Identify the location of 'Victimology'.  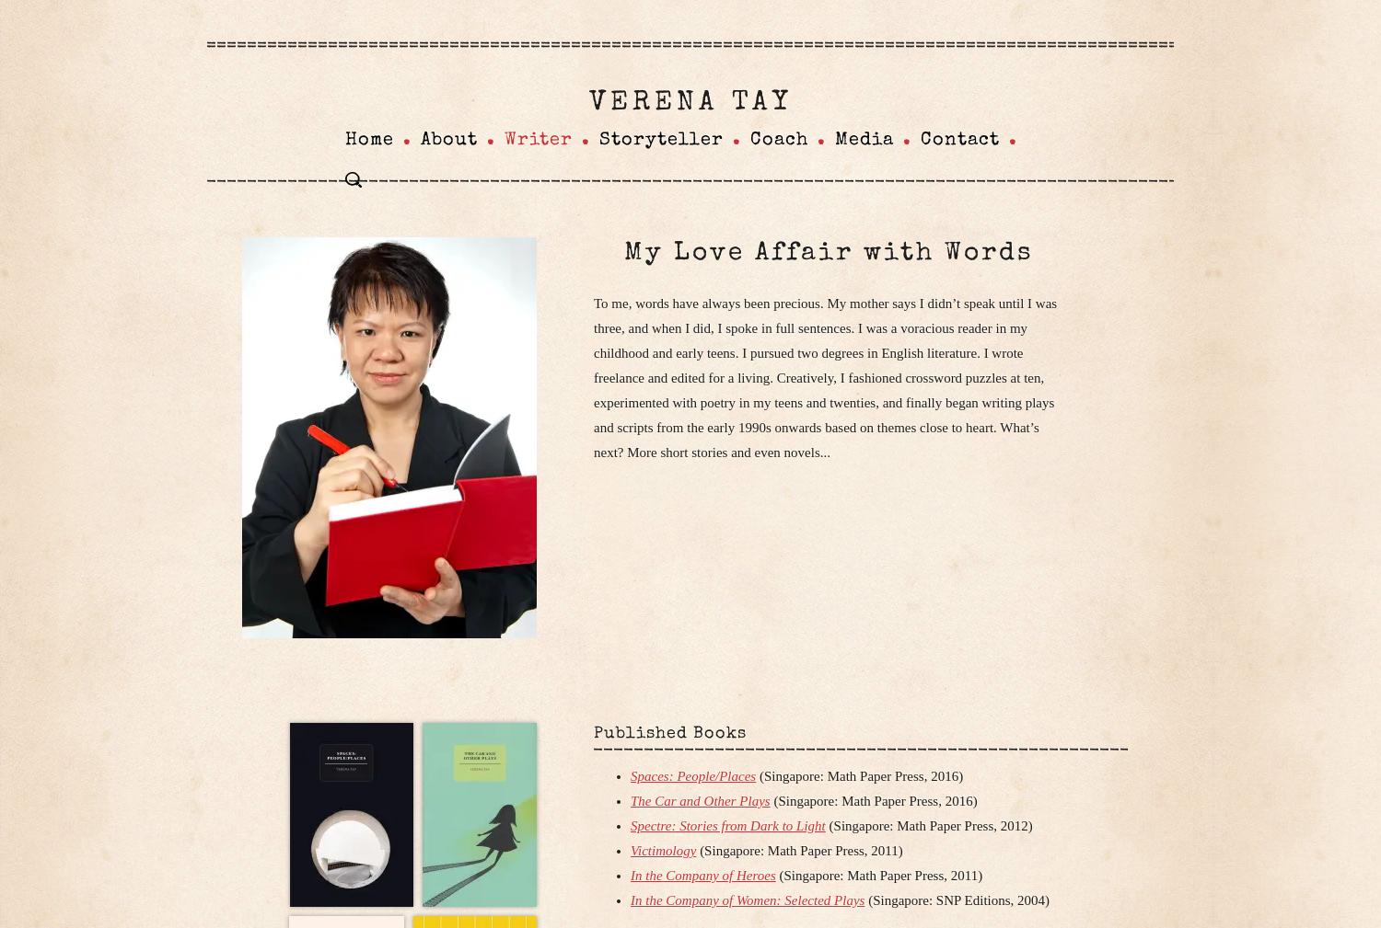
(662, 850).